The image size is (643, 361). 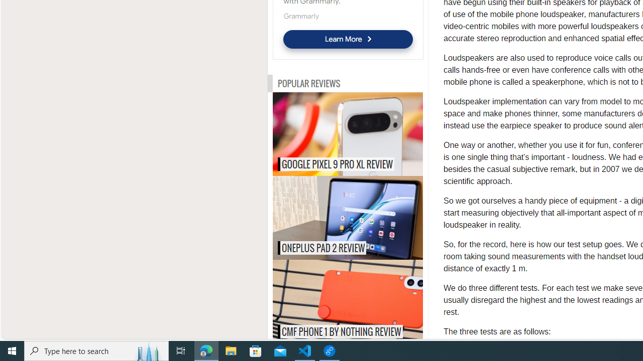 What do you see at coordinates (348, 301) in the screenshot?
I see `'CMF Phone 1 by Nothing review CMF PHONE 1 BY NOTHING REVIEW'` at bounding box center [348, 301].